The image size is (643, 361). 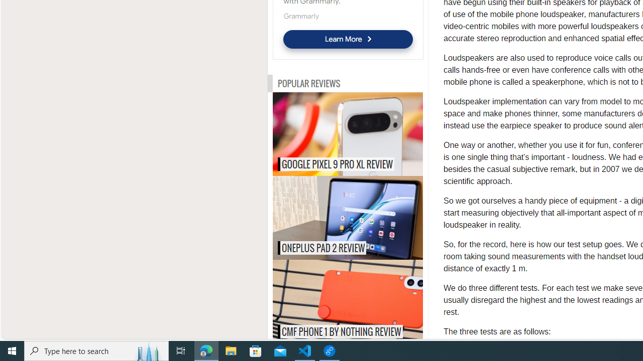 What do you see at coordinates (348, 301) in the screenshot?
I see `'CMF Phone 1 by Nothing review CMF PHONE 1 BY NOTHING REVIEW'` at bounding box center [348, 301].